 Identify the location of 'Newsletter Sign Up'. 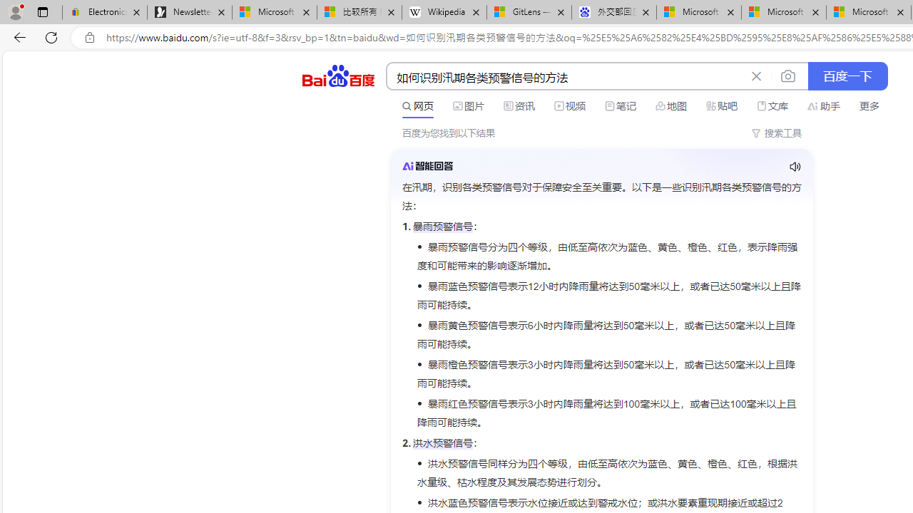
(189, 12).